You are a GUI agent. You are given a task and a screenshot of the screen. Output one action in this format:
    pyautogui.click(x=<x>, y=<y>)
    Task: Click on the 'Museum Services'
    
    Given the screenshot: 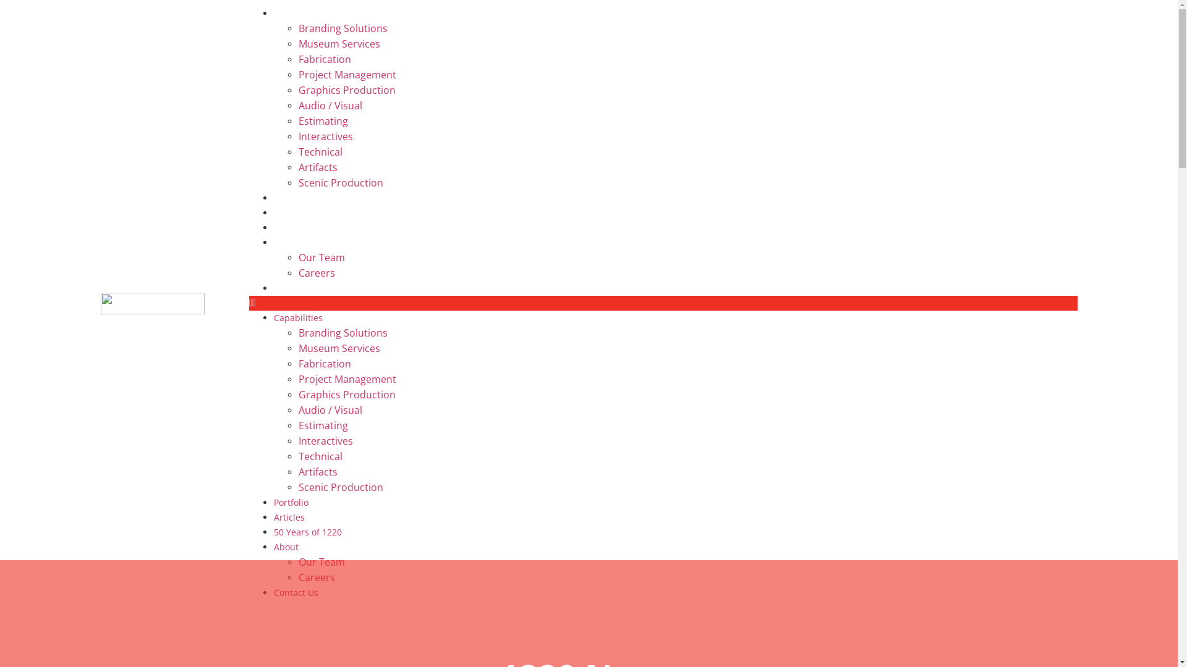 What is the action you would take?
    pyautogui.click(x=297, y=348)
    